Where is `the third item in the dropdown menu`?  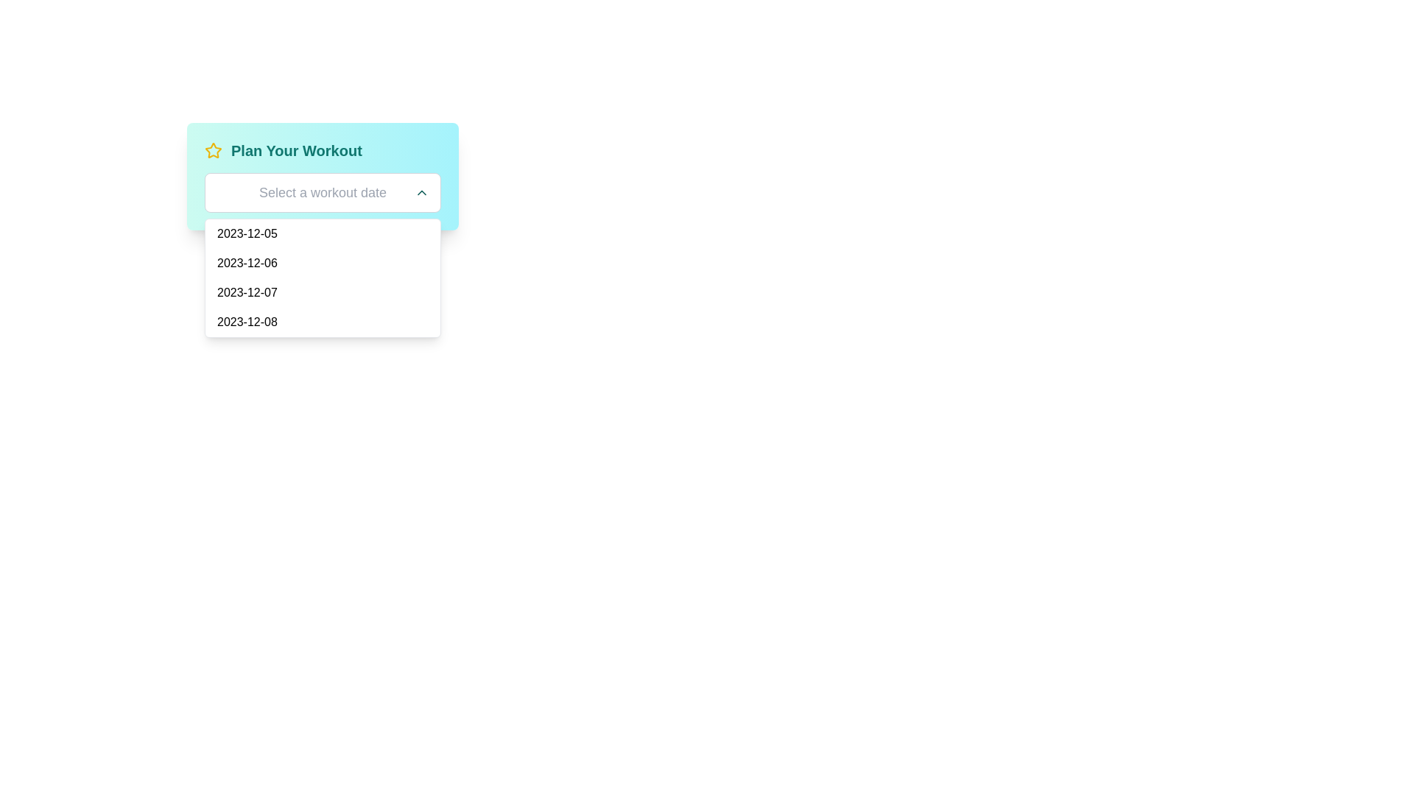 the third item in the dropdown menu is located at coordinates (322, 292).